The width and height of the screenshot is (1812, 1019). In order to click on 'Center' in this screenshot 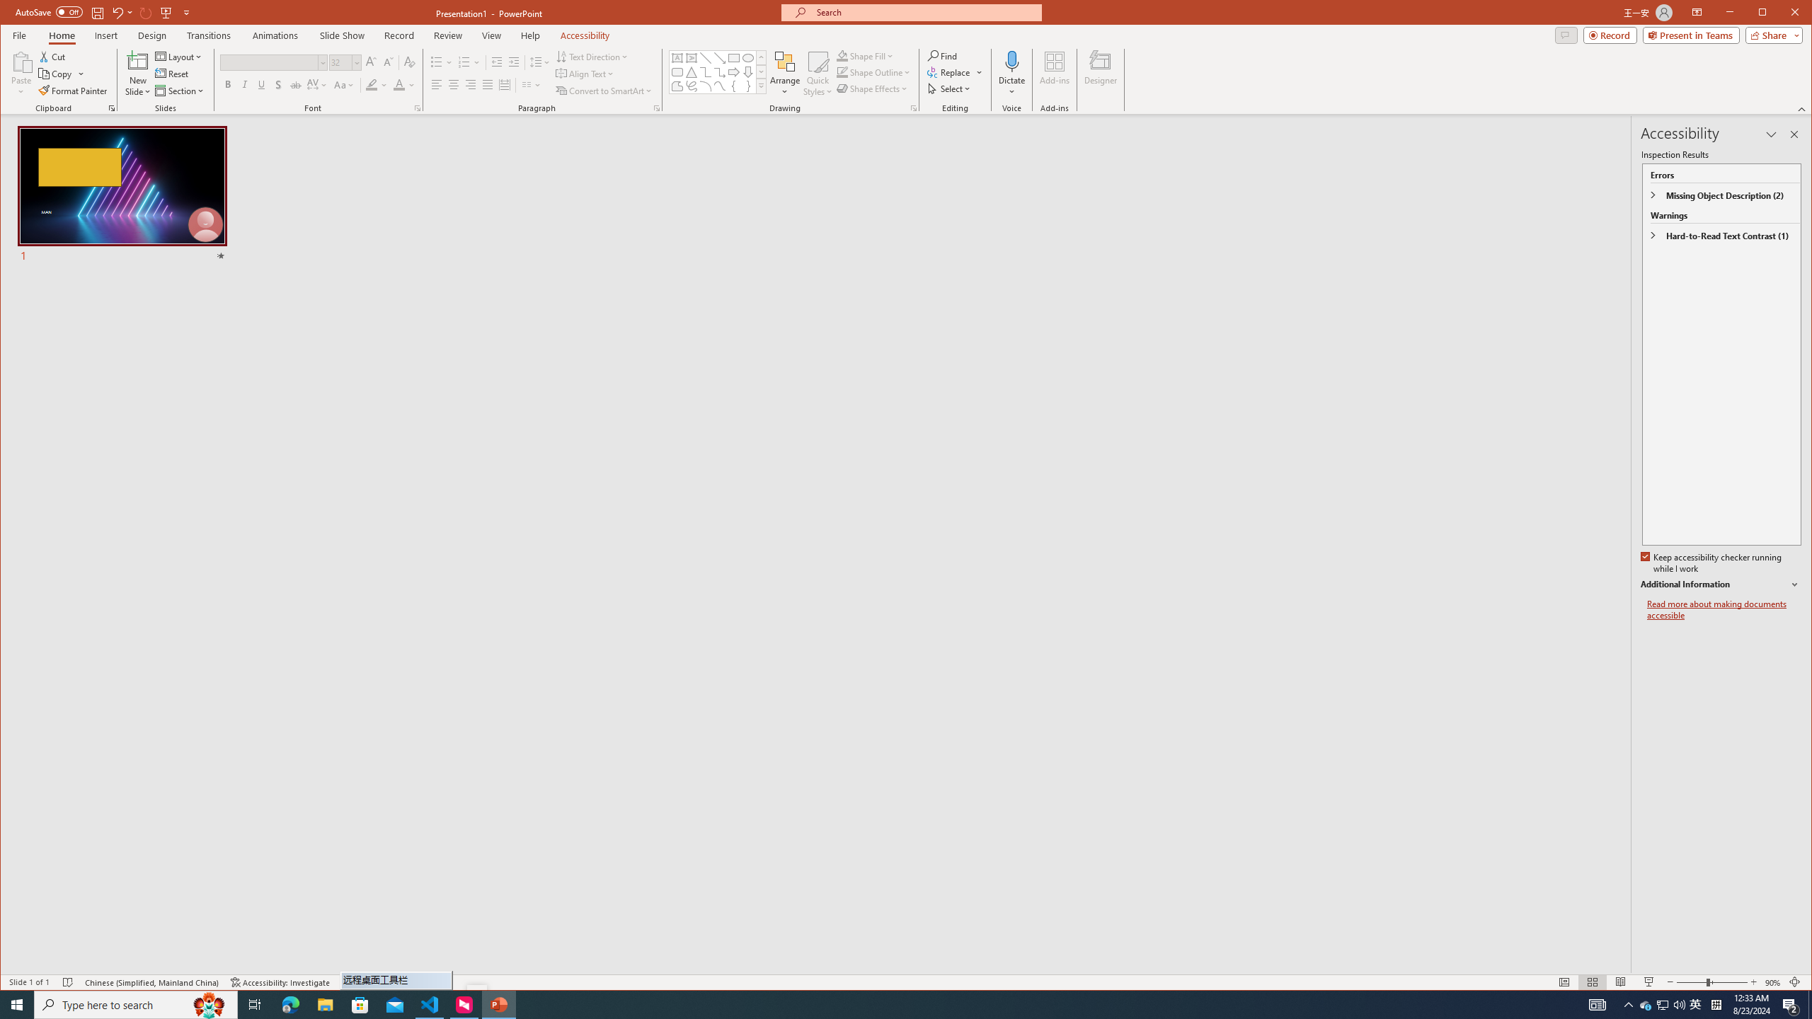, I will do `click(453, 84)`.